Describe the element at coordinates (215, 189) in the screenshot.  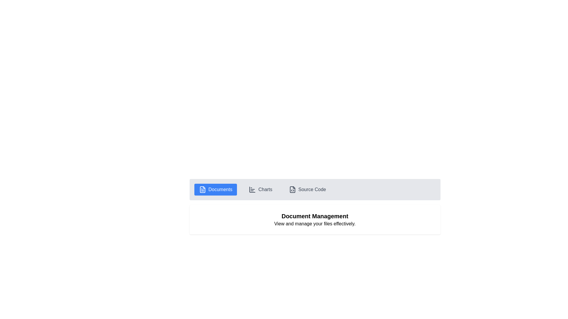
I see `the blue rectangular button labeled 'Documents' with a document icon on the left` at that location.